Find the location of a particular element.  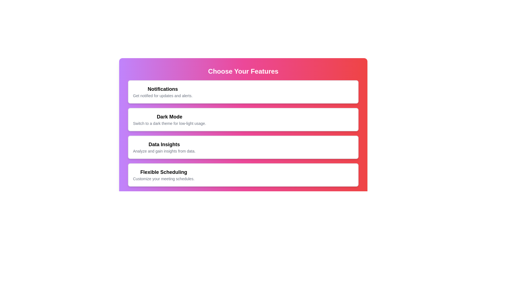

the static text label 'Data Insights' which is styled with a bold, large black font and is located within a card-like layout, positioned as the header of the third card in a vertical list of selectable features is located at coordinates (164, 144).